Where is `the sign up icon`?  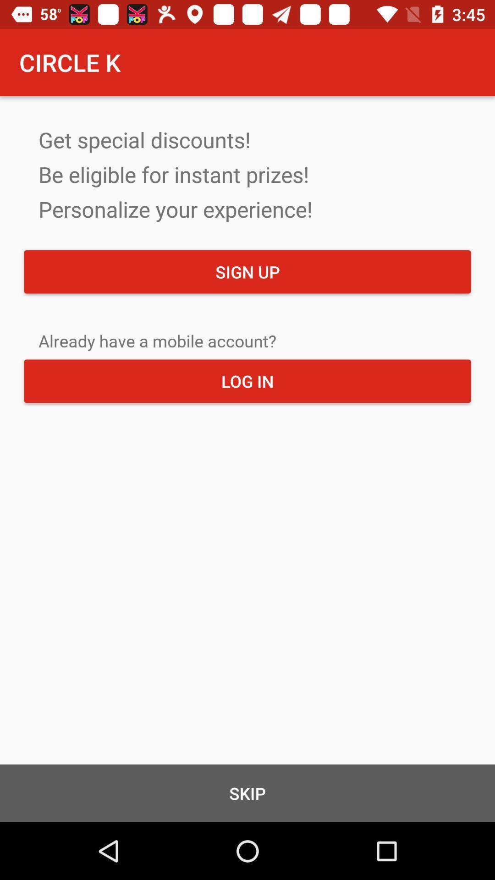 the sign up icon is located at coordinates (247, 271).